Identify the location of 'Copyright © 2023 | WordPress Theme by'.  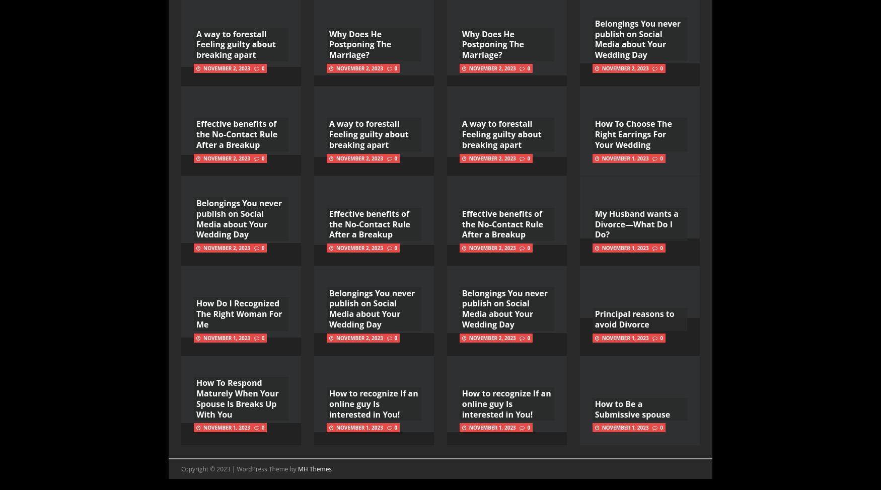
(239, 469).